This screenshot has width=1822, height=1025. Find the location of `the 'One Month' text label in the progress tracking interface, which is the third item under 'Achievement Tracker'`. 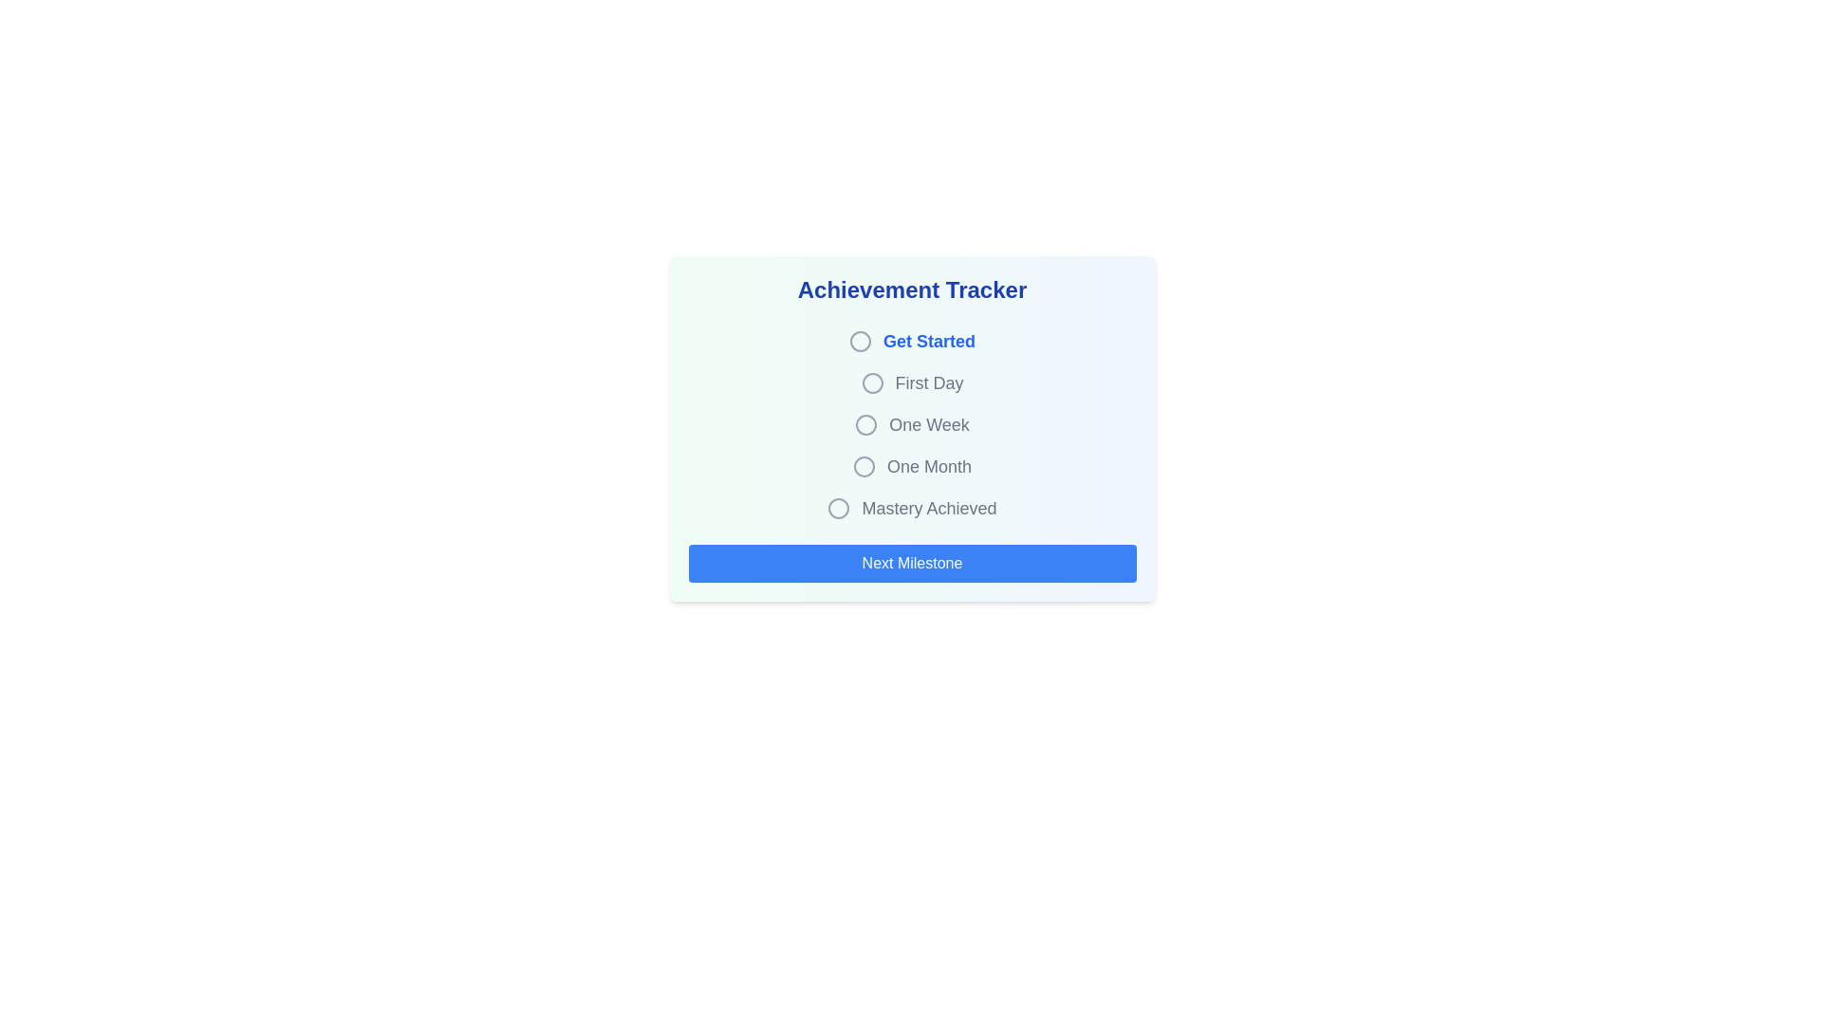

the 'One Month' text label in the progress tracking interface, which is the third item under 'Achievement Tracker' is located at coordinates (929, 467).